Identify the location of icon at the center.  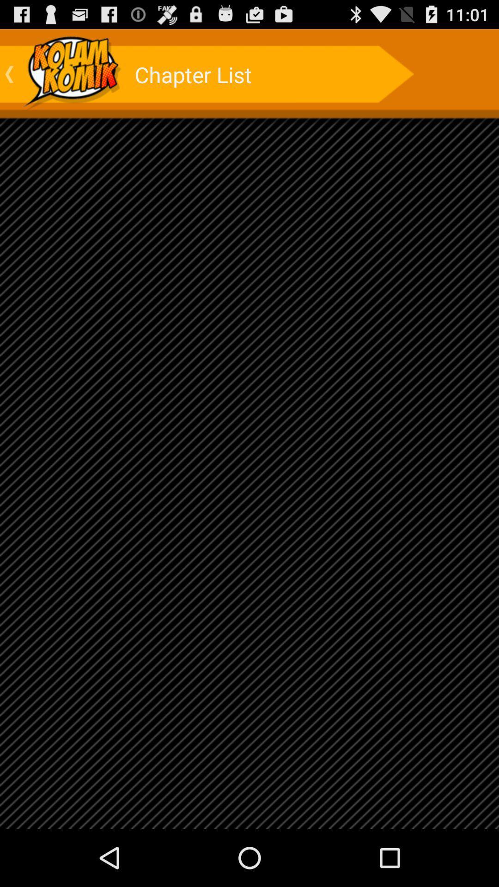
(249, 428).